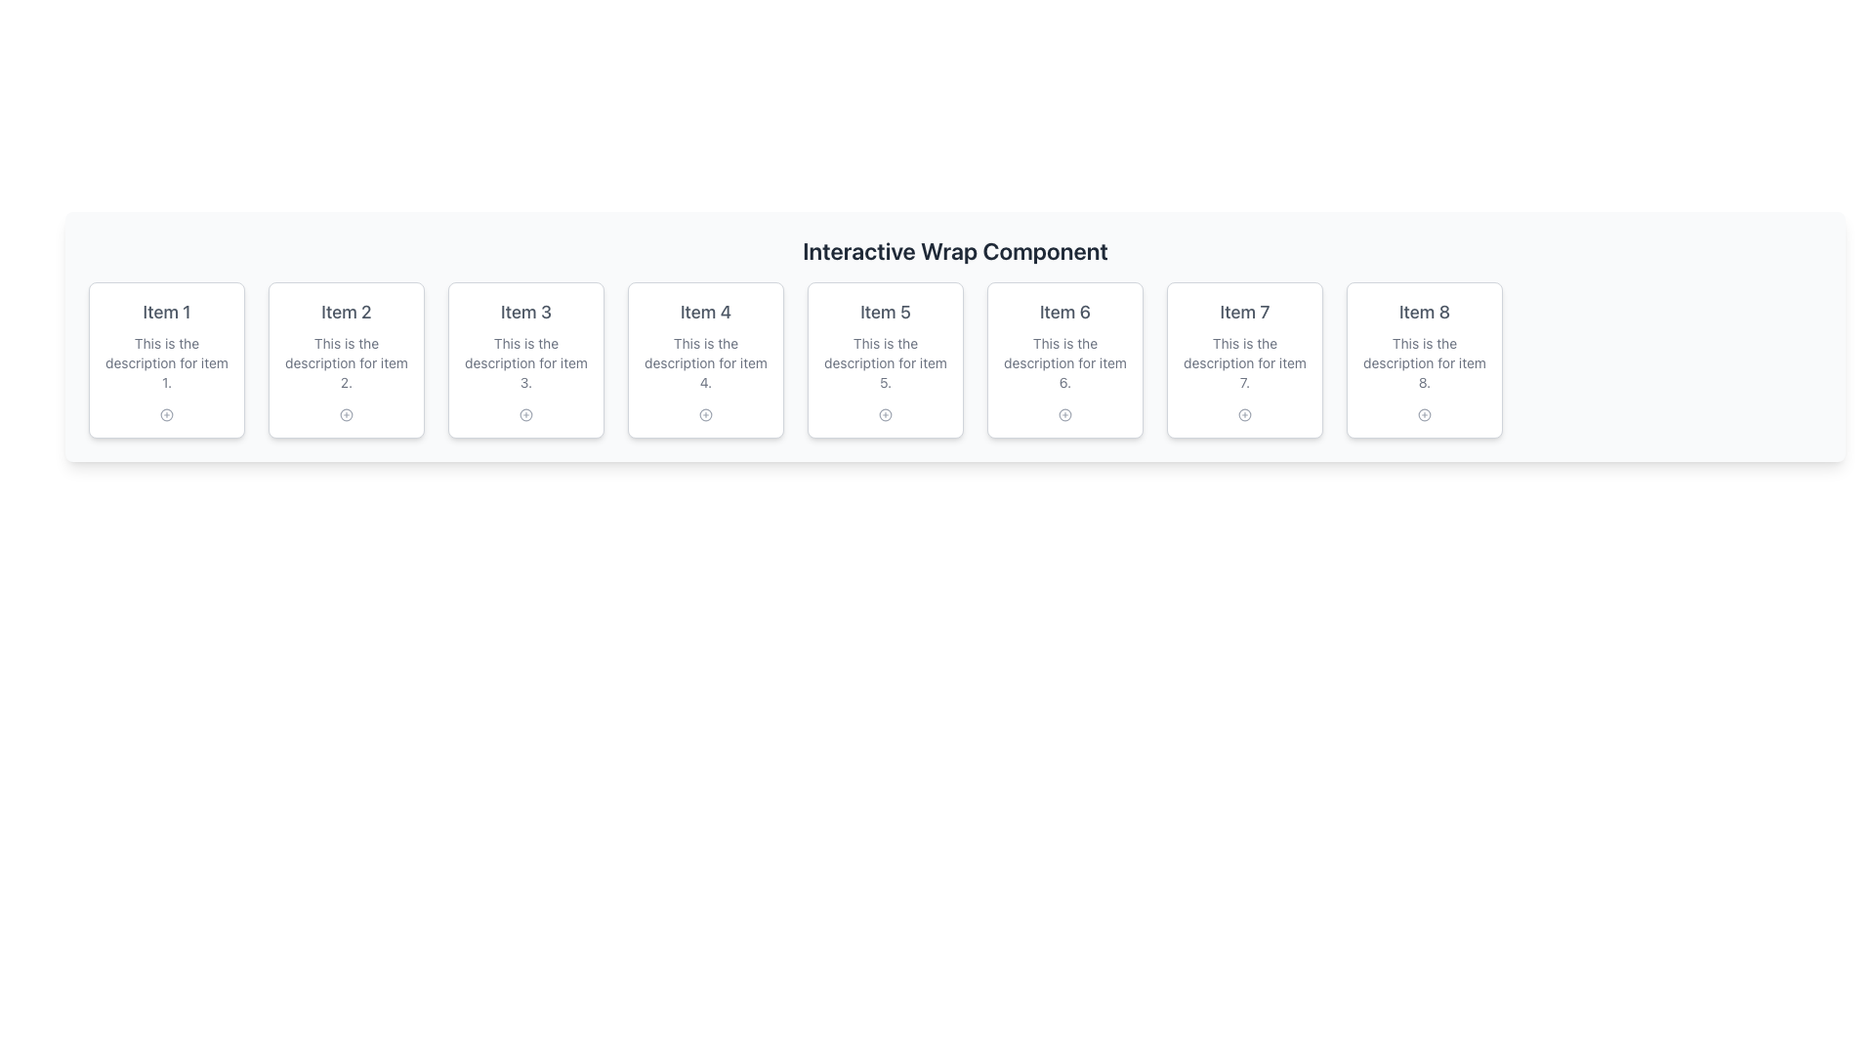 Image resolution: width=1875 pixels, height=1055 pixels. Describe the element at coordinates (1425, 413) in the screenshot. I see `the circular base of the '+' icon located in the bottom-right corner of the 'Item 8' card` at that location.